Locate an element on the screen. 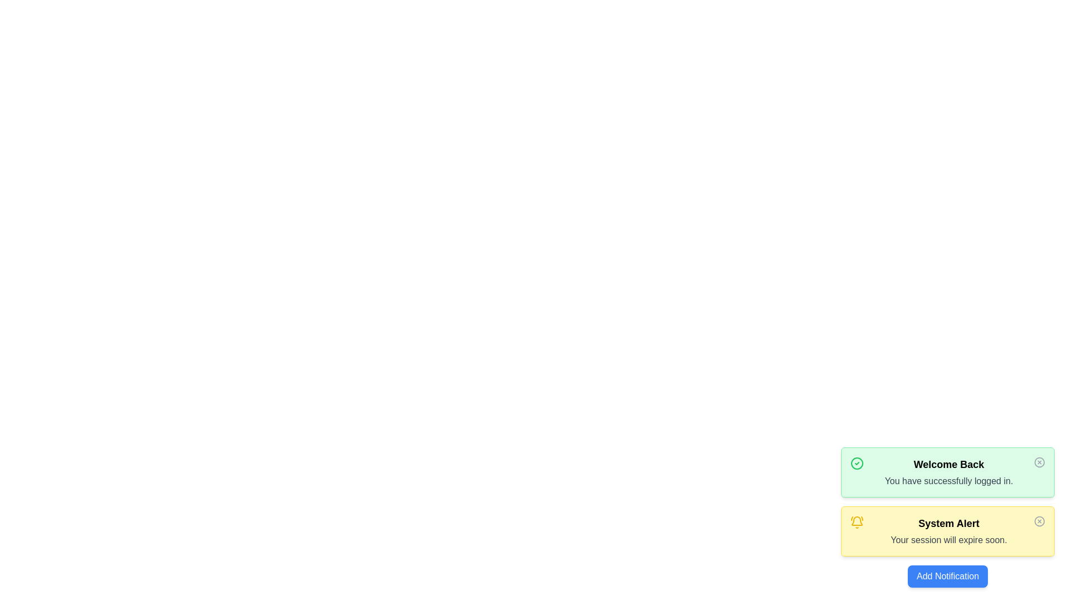 This screenshot has height=601, width=1068. warning message displayed in the static text label within the yellow 'System Alert' notification box, positioned below the 'Welcome Back' notification and above the 'Add Notification' button is located at coordinates (948, 540).